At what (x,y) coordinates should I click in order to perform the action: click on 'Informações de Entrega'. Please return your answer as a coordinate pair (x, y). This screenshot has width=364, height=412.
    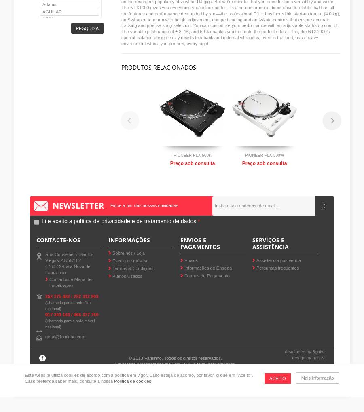
    Looking at the image, I should click on (207, 267).